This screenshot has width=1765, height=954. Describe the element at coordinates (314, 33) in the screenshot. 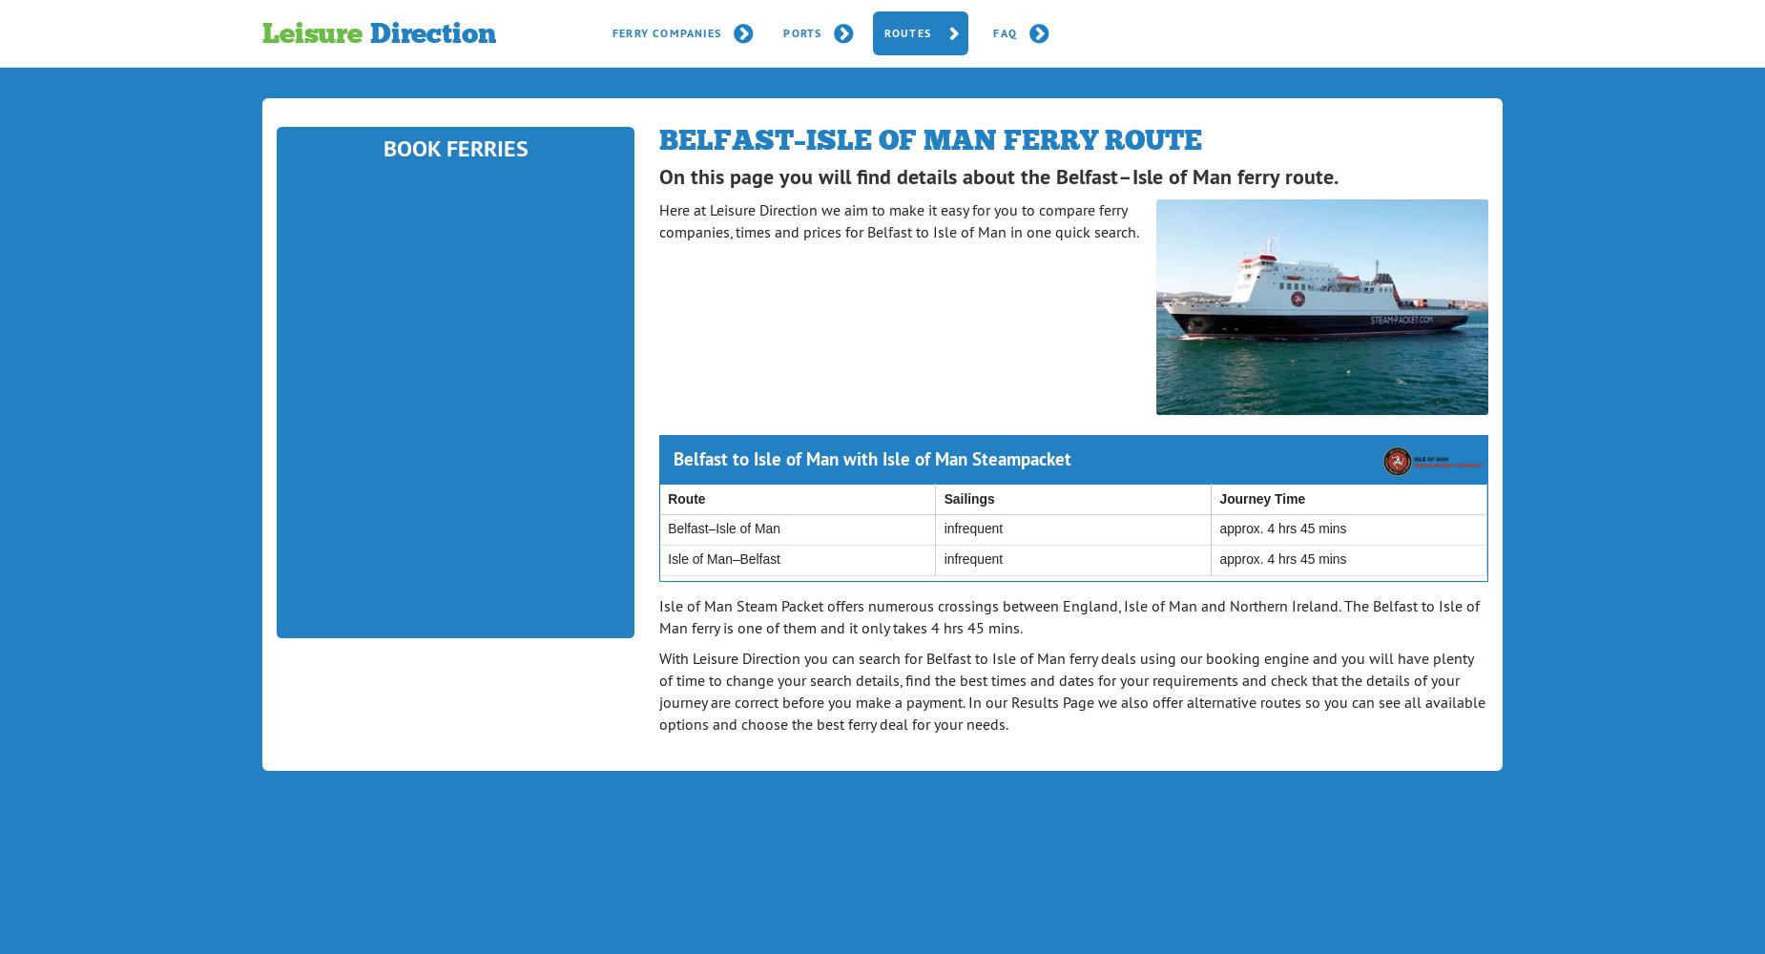

I see `'Leisure'` at that location.